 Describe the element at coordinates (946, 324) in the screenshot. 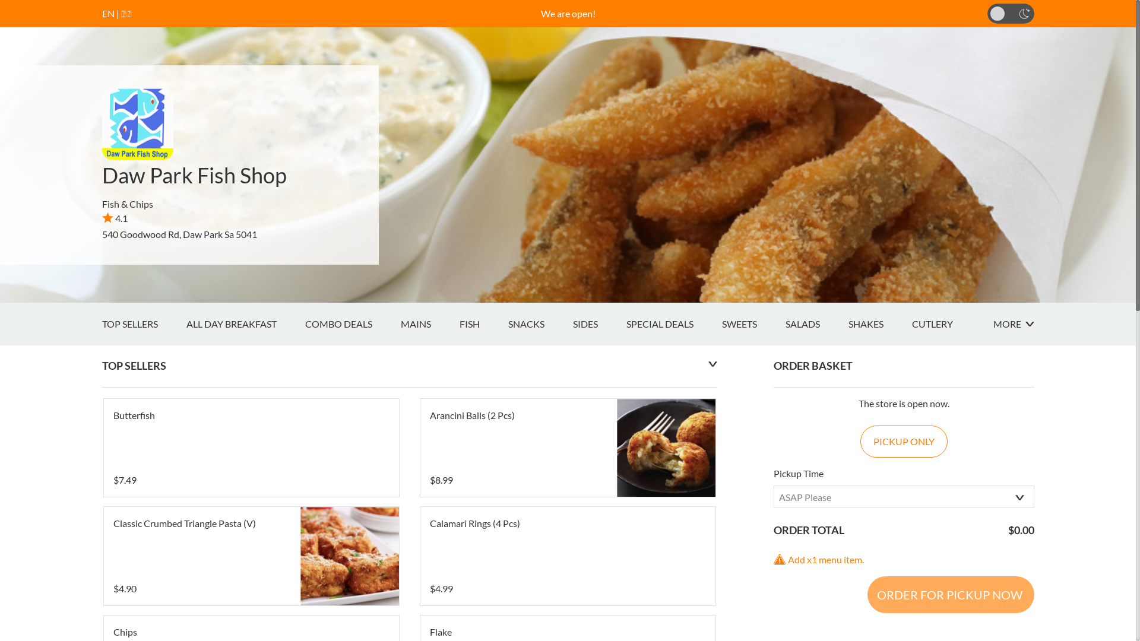

I see `'CUTLERY'` at that location.